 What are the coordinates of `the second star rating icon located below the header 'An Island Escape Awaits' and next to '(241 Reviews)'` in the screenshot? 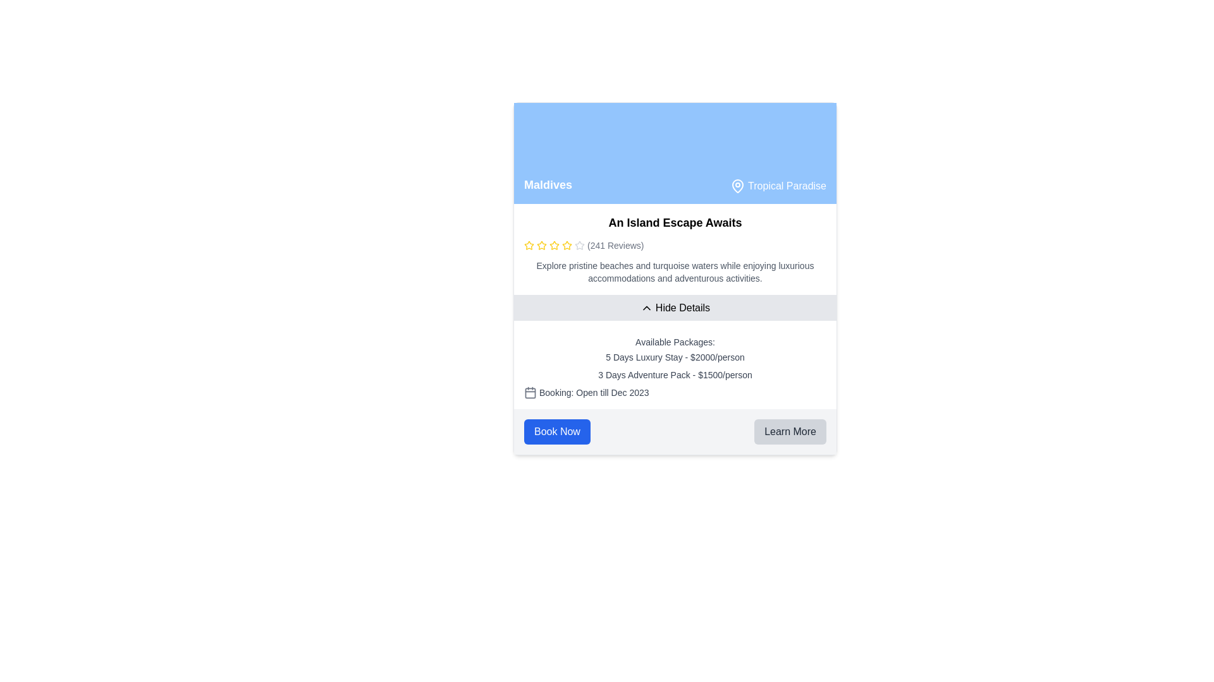 It's located at (555, 245).